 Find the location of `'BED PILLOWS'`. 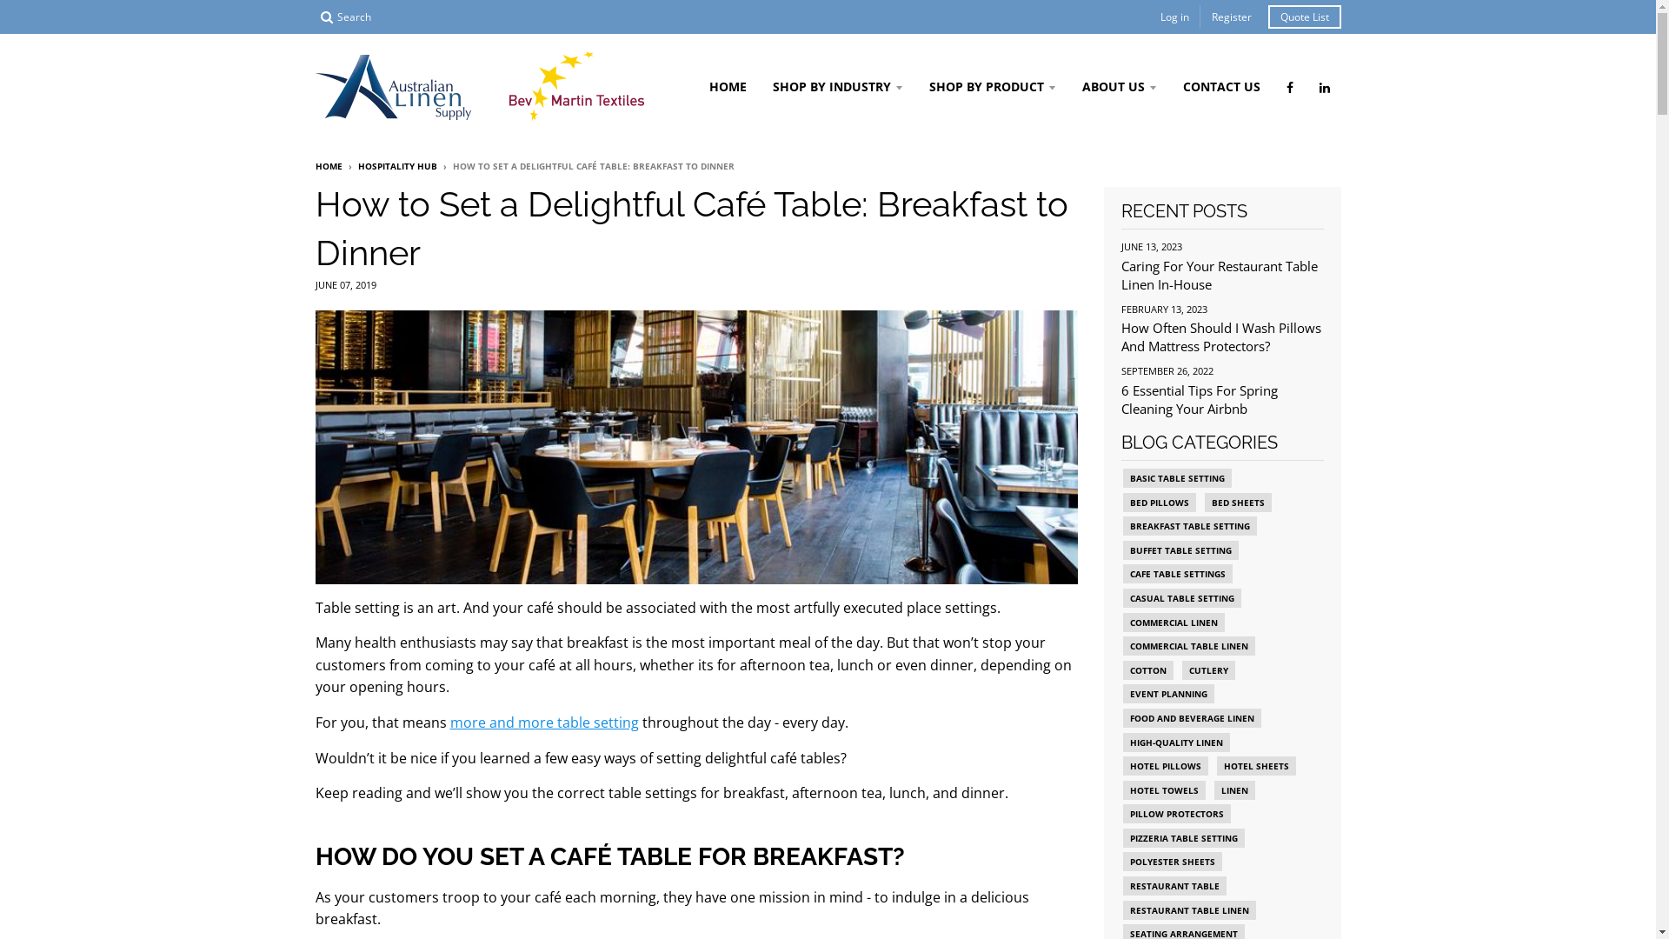

'BED PILLOWS' is located at coordinates (1160, 503).